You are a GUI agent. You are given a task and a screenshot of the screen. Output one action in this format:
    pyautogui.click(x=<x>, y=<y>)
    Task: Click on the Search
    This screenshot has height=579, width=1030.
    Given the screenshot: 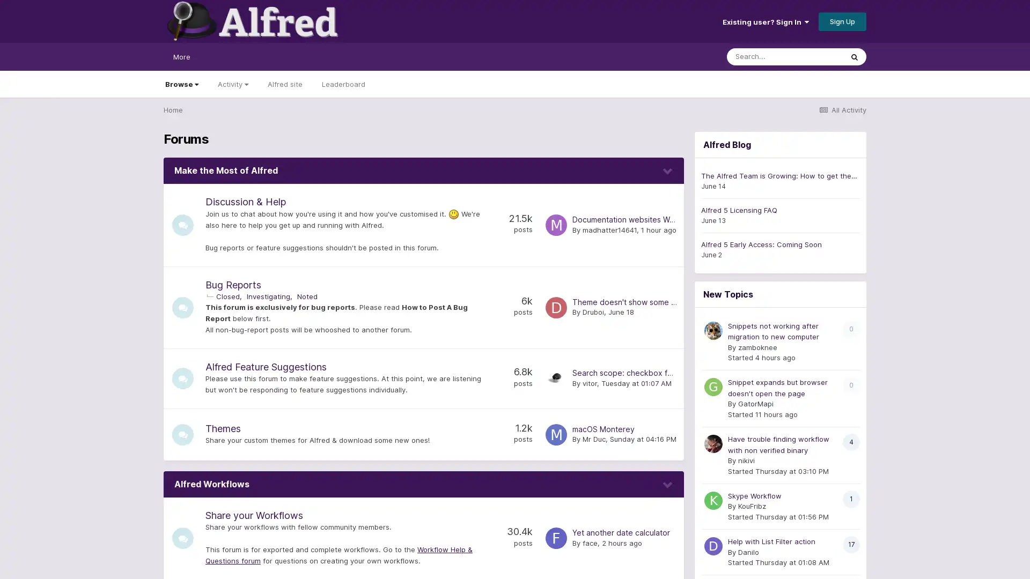 What is the action you would take?
    pyautogui.click(x=854, y=56)
    